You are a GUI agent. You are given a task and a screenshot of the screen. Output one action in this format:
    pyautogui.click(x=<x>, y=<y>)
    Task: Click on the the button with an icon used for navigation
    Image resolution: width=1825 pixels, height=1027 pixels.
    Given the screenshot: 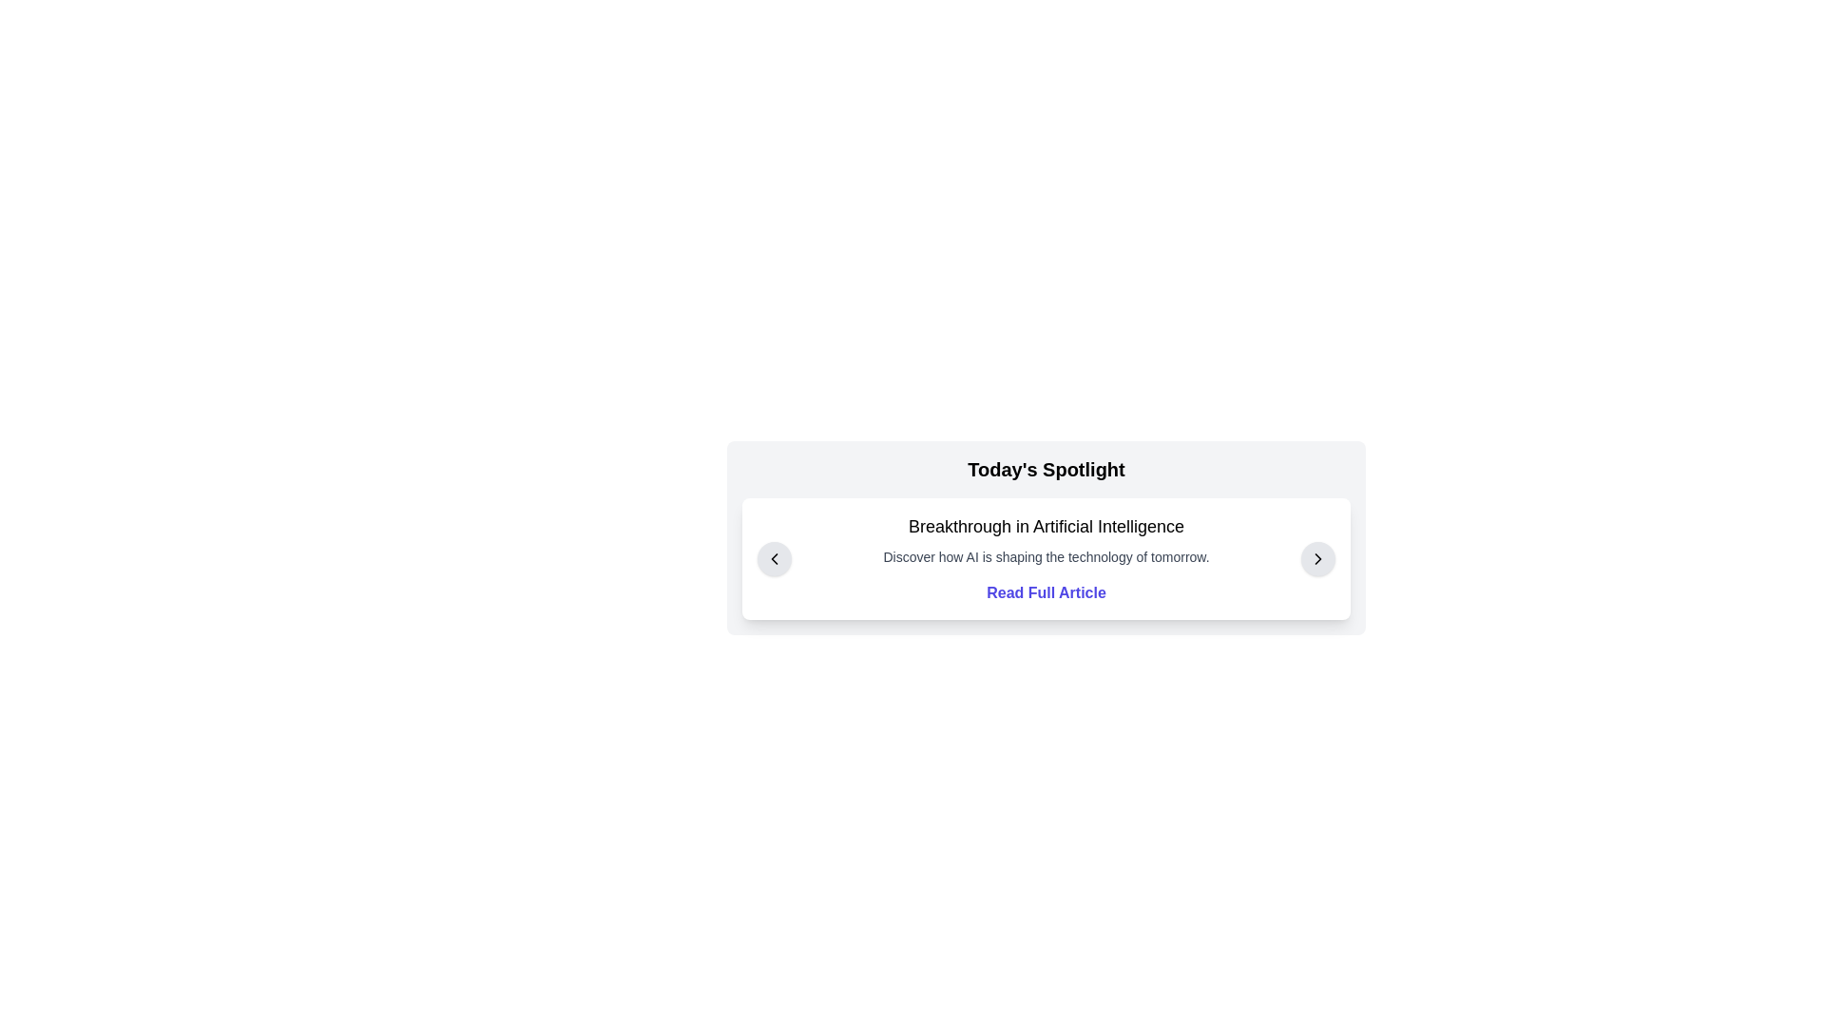 What is the action you would take?
    pyautogui.click(x=775, y=557)
    